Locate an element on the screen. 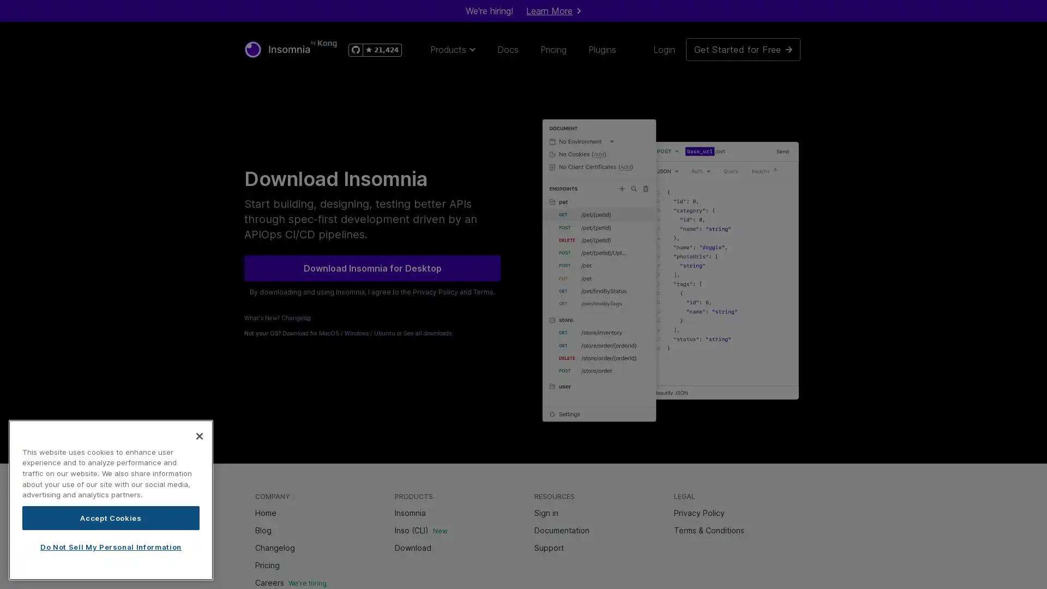  Accept Cookies is located at coordinates (111, 517).